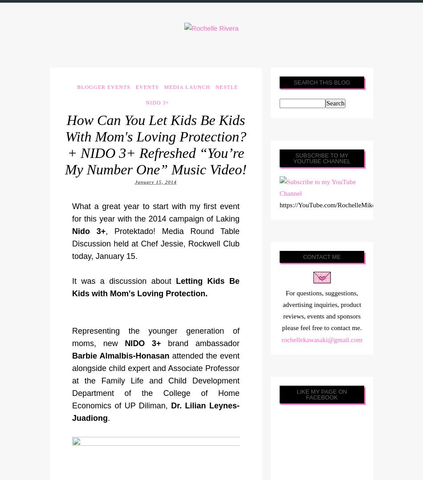 The image size is (423, 480). Describe the element at coordinates (110, 418) in the screenshot. I see `'.'` at that location.